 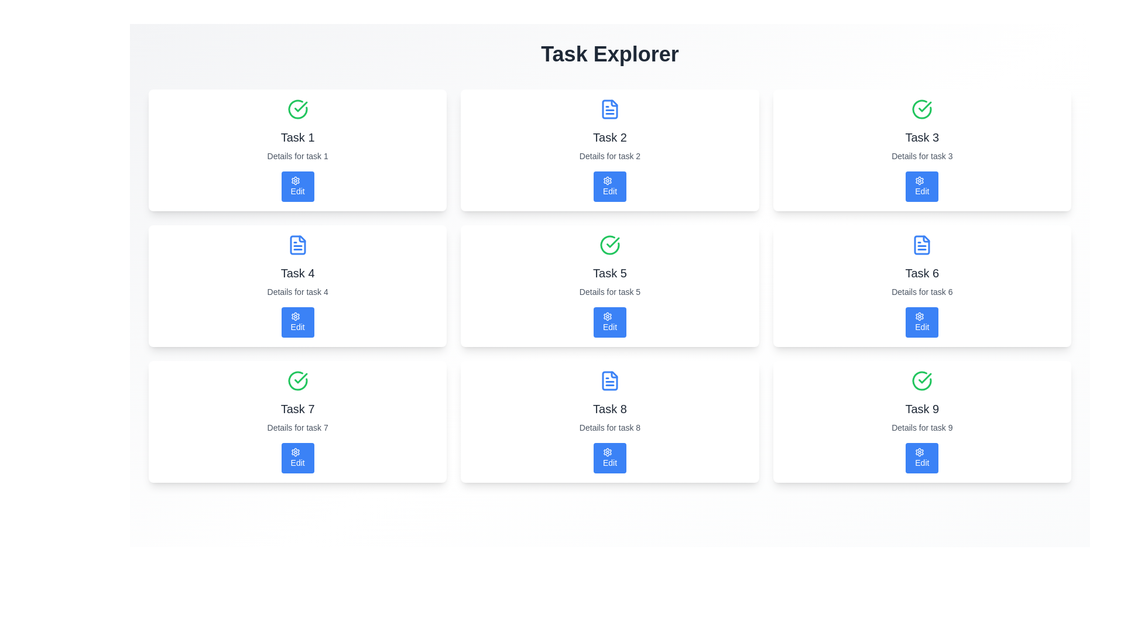 I want to click on the task title label displayed in the third position of the first row in the task management interface, so click(x=921, y=137).